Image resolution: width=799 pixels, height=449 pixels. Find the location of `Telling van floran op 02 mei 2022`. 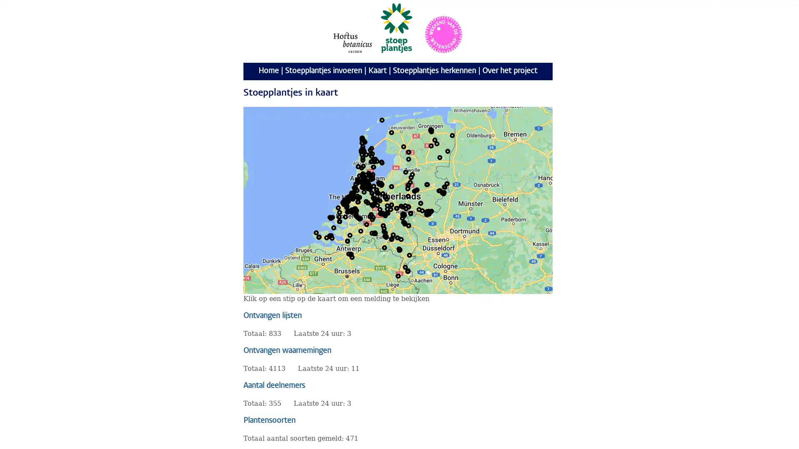

Telling van floran op 02 mei 2022 is located at coordinates (373, 204).